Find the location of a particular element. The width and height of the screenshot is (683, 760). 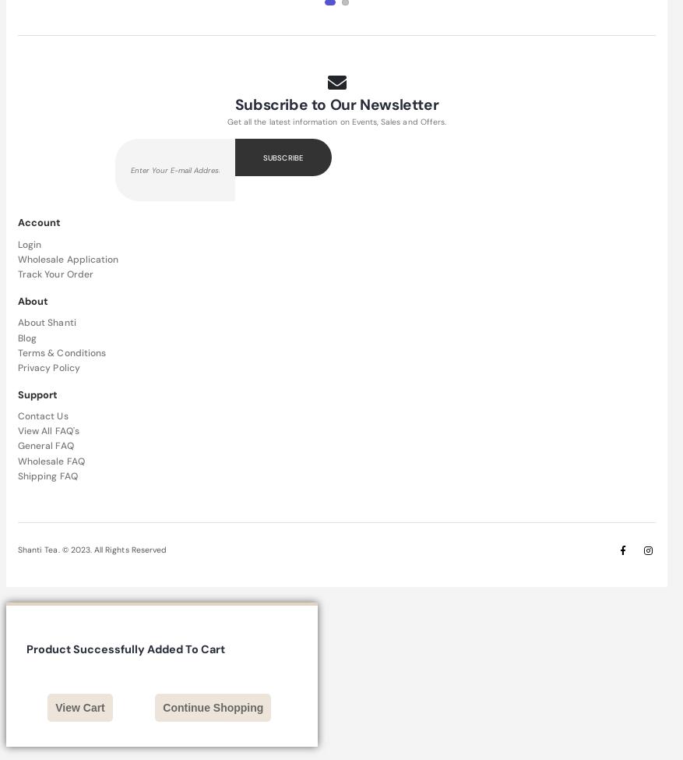

'View Cart' is located at coordinates (79, 706).